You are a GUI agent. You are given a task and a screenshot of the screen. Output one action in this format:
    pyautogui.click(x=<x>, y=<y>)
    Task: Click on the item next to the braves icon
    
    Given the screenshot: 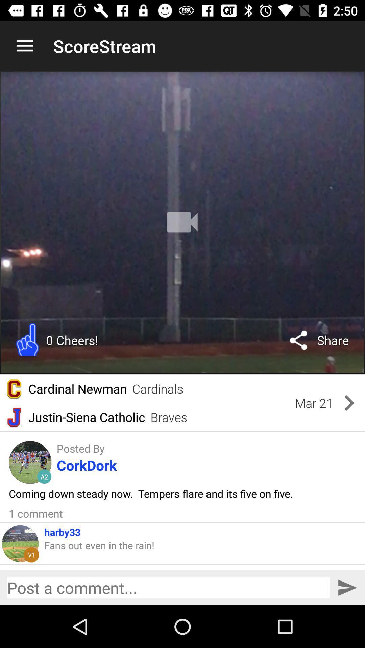 What is the action you would take?
    pyautogui.click(x=314, y=403)
    